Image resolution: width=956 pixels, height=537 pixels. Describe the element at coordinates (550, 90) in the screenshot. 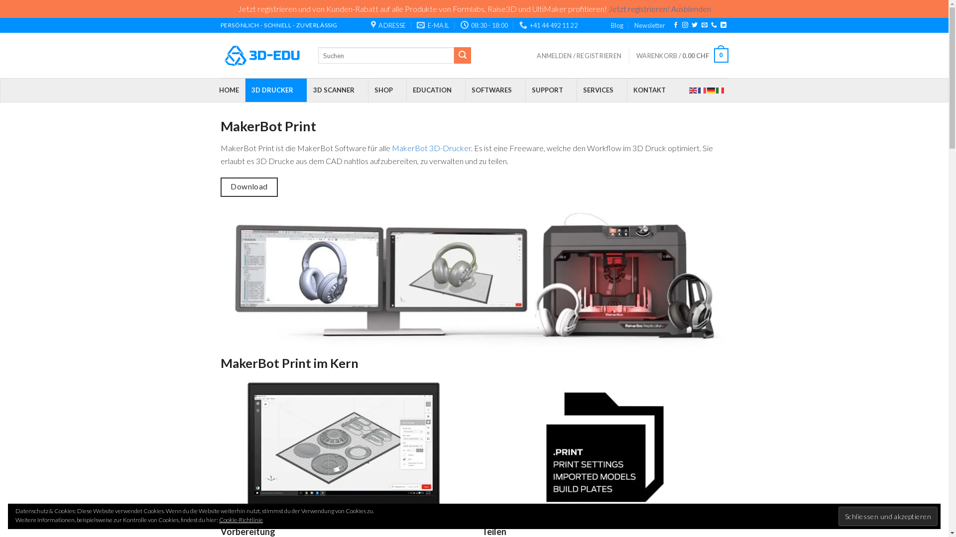

I see `'SUPPORT'` at that location.